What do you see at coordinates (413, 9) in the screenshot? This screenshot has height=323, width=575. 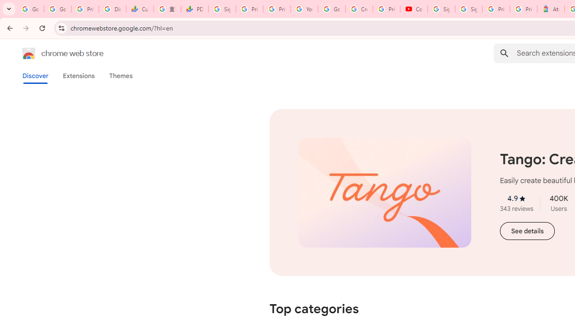 I see `'Content Creator Programs & Opportunities - YouTube Creators'` at bounding box center [413, 9].